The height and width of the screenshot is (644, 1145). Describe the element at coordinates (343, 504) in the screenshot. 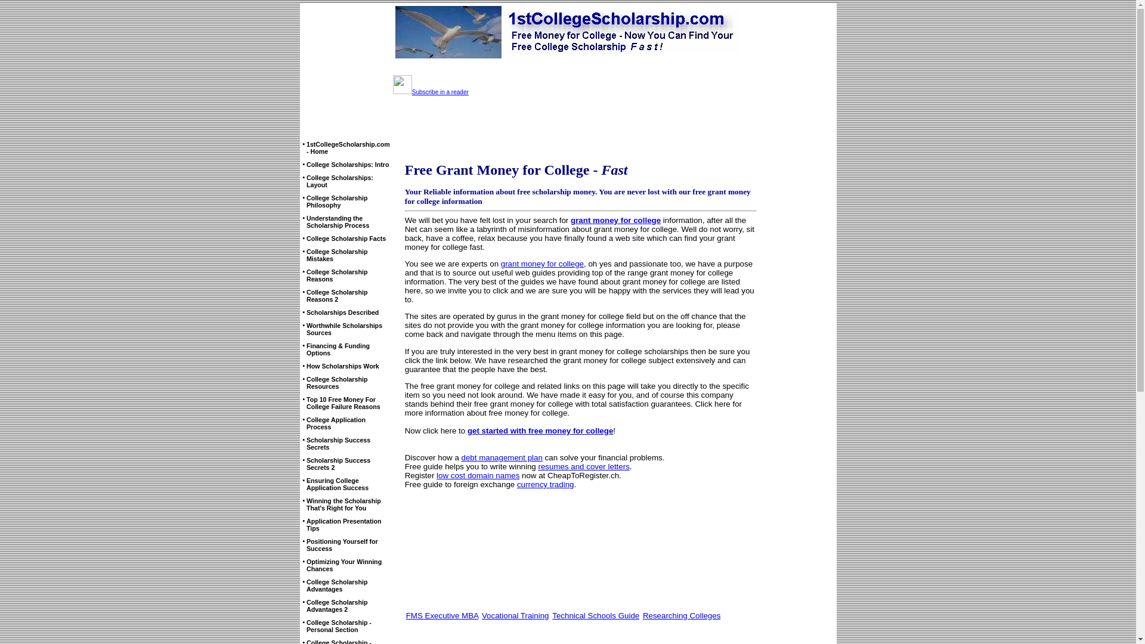

I see `'Winning the Scholarship That's Right for You'` at that location.